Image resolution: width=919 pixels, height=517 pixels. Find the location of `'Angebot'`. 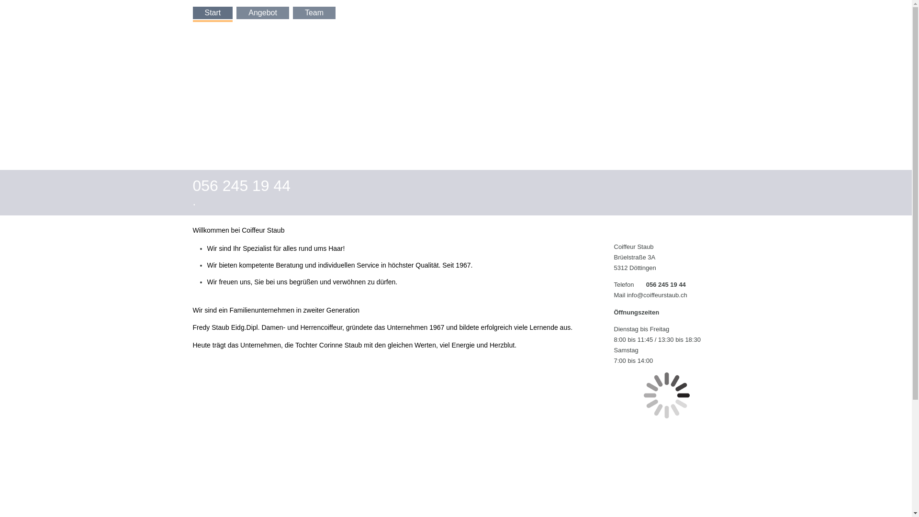

'Angebot' is located at coordinates (236, 13).